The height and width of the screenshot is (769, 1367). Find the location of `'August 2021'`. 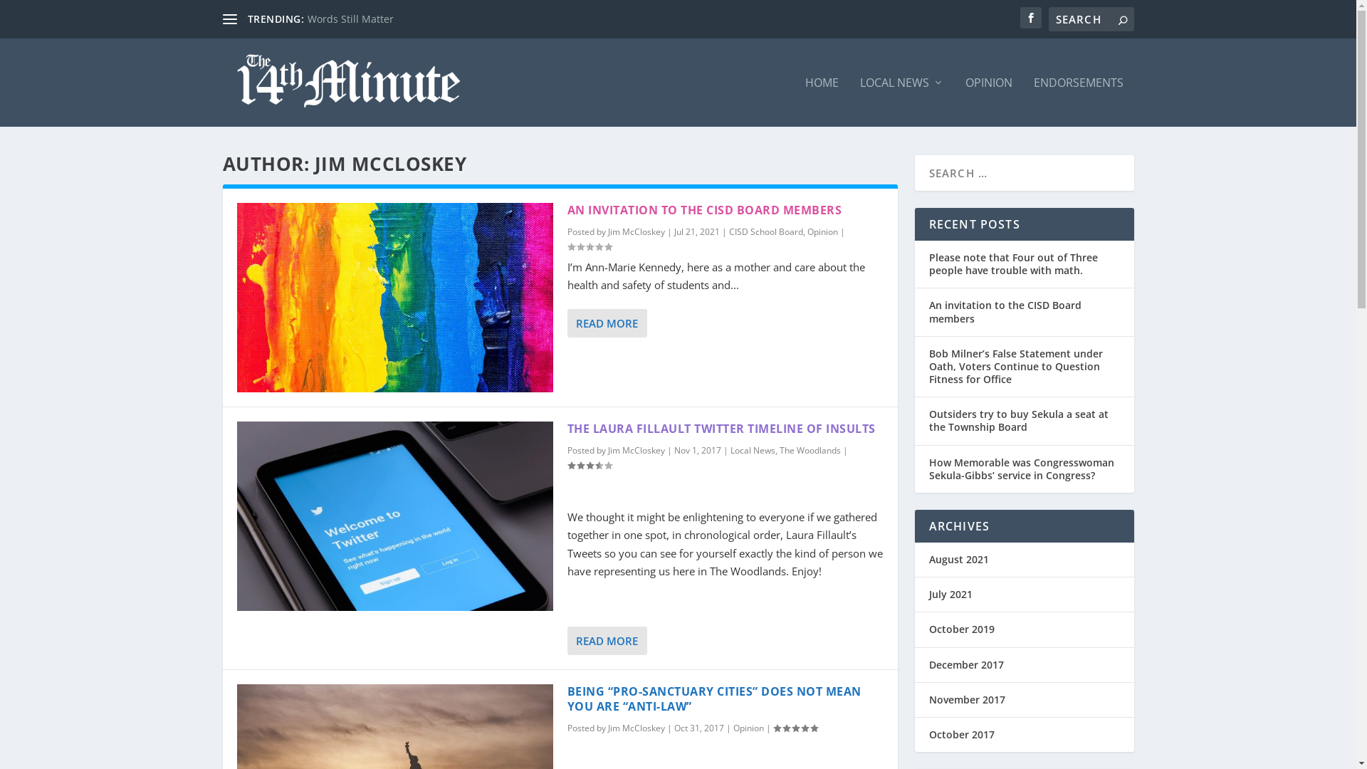

'August 2021' is located at coordinates (928, 558).